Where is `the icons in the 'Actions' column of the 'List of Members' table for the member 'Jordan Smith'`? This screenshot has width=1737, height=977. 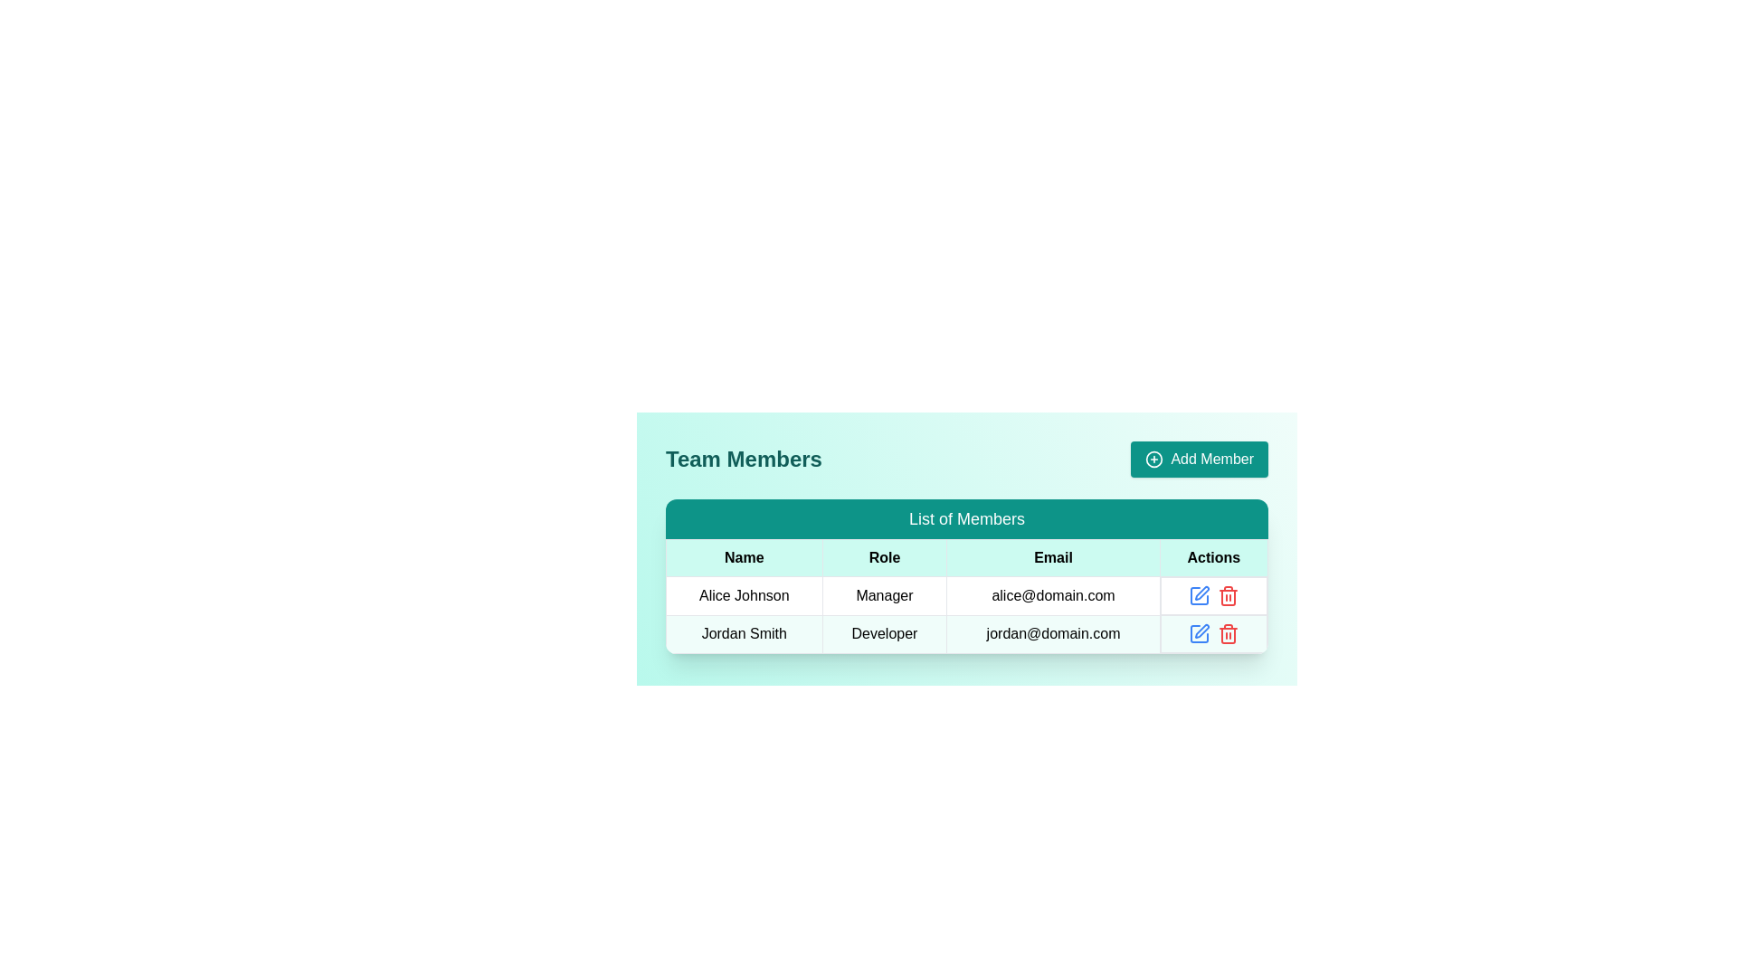 the icons in the 'Actions' column of the 'List of Members' table for the member 'Jordan Smith' is located at coordinates (1213, 633).